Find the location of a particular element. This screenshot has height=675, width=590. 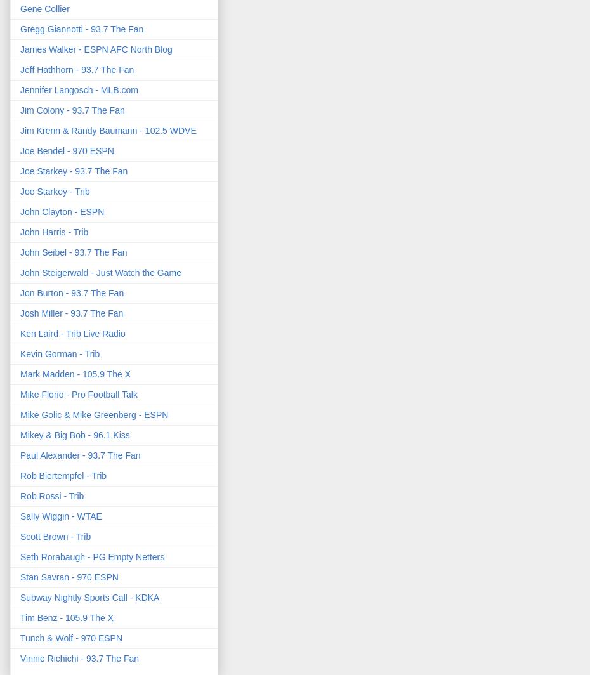

'John Steigerwald - Just Watch the Game' is located at coordinates (100, 272).